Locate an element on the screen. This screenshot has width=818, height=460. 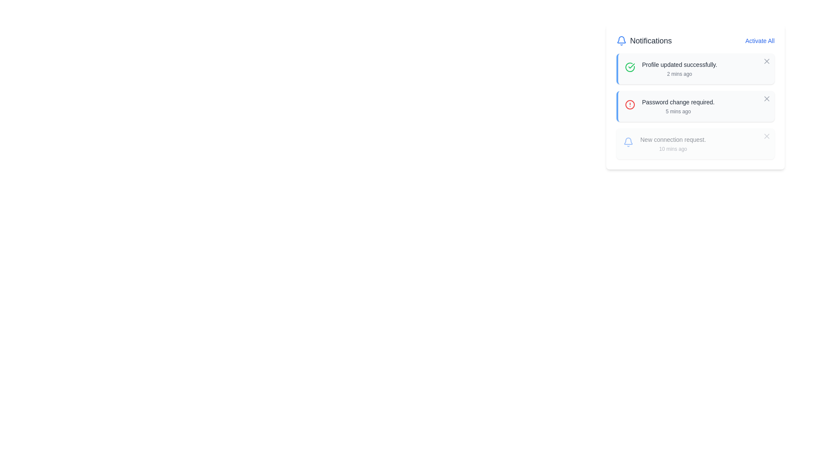
the close button on the Notification card is located at coordinates (695, 144).